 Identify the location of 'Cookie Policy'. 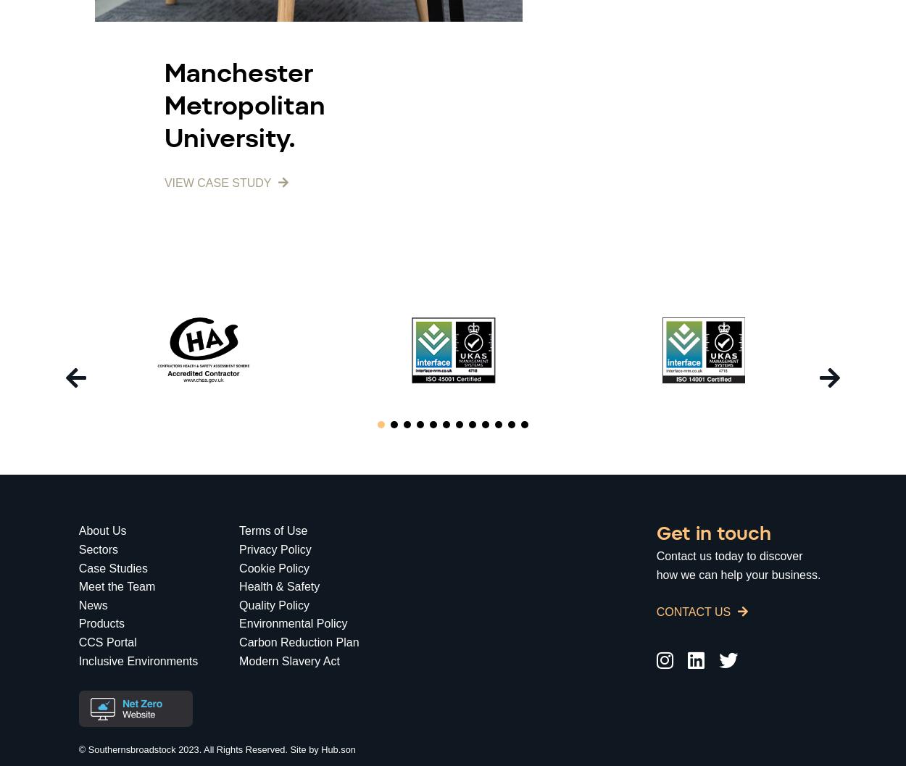
(274, 567).